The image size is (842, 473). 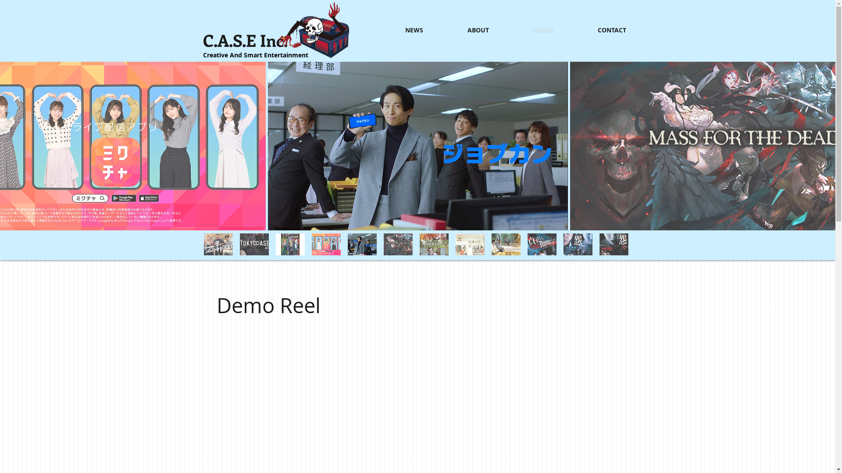 I want to click on 'CONTACT', so click(x=596, y=30).